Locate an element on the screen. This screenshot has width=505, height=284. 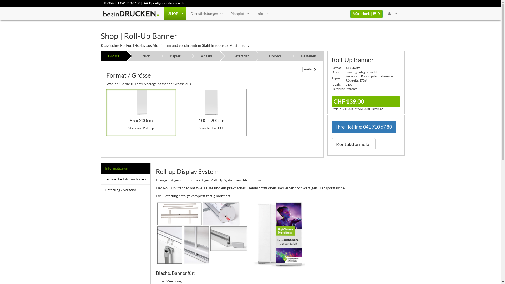
'Bestellen' is located at coordinates (294, 56).